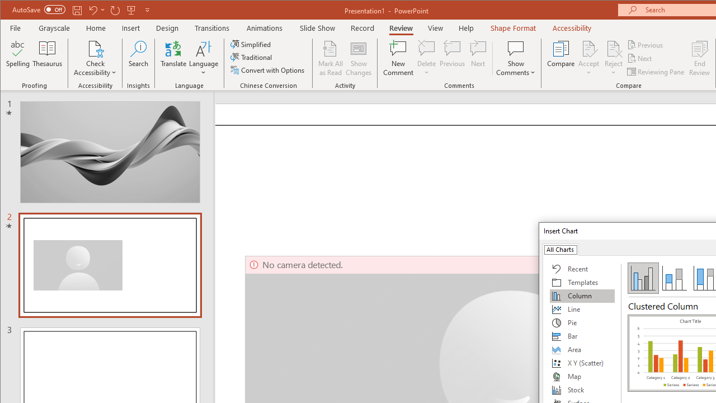 Image resolution: width=716 pixels, height=403 pixels. I want to click on 'Reject', so click(613, 58).